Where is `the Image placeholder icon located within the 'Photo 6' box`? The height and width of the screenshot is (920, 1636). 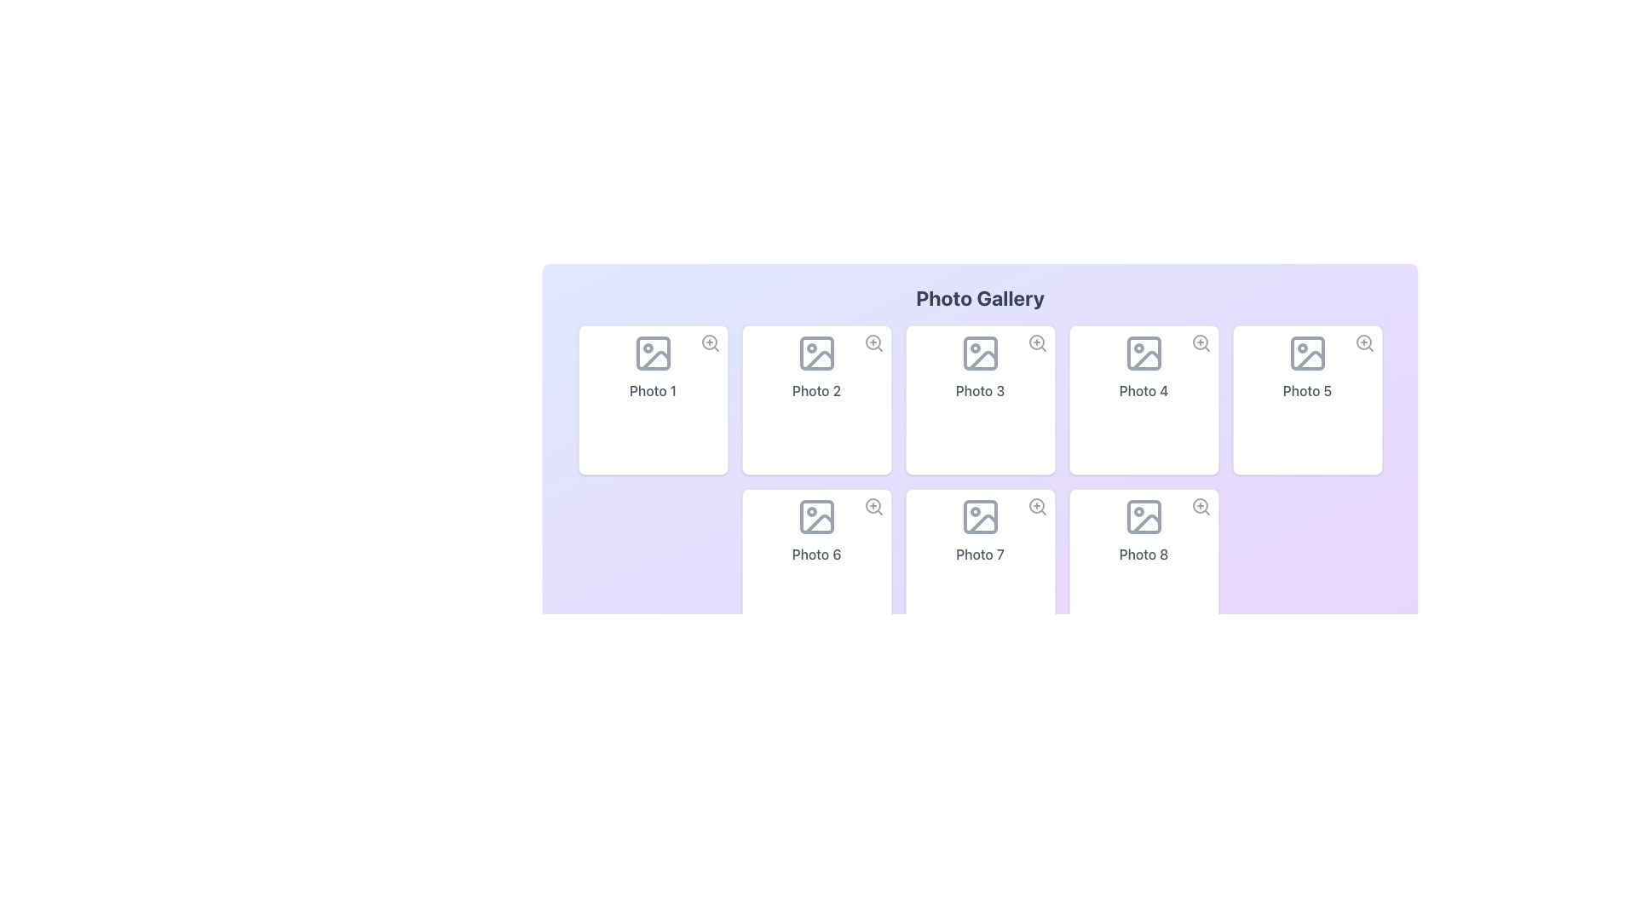
the Image placeholder icon located within the 'Photo 6' box is located at coordinates (815, 515).